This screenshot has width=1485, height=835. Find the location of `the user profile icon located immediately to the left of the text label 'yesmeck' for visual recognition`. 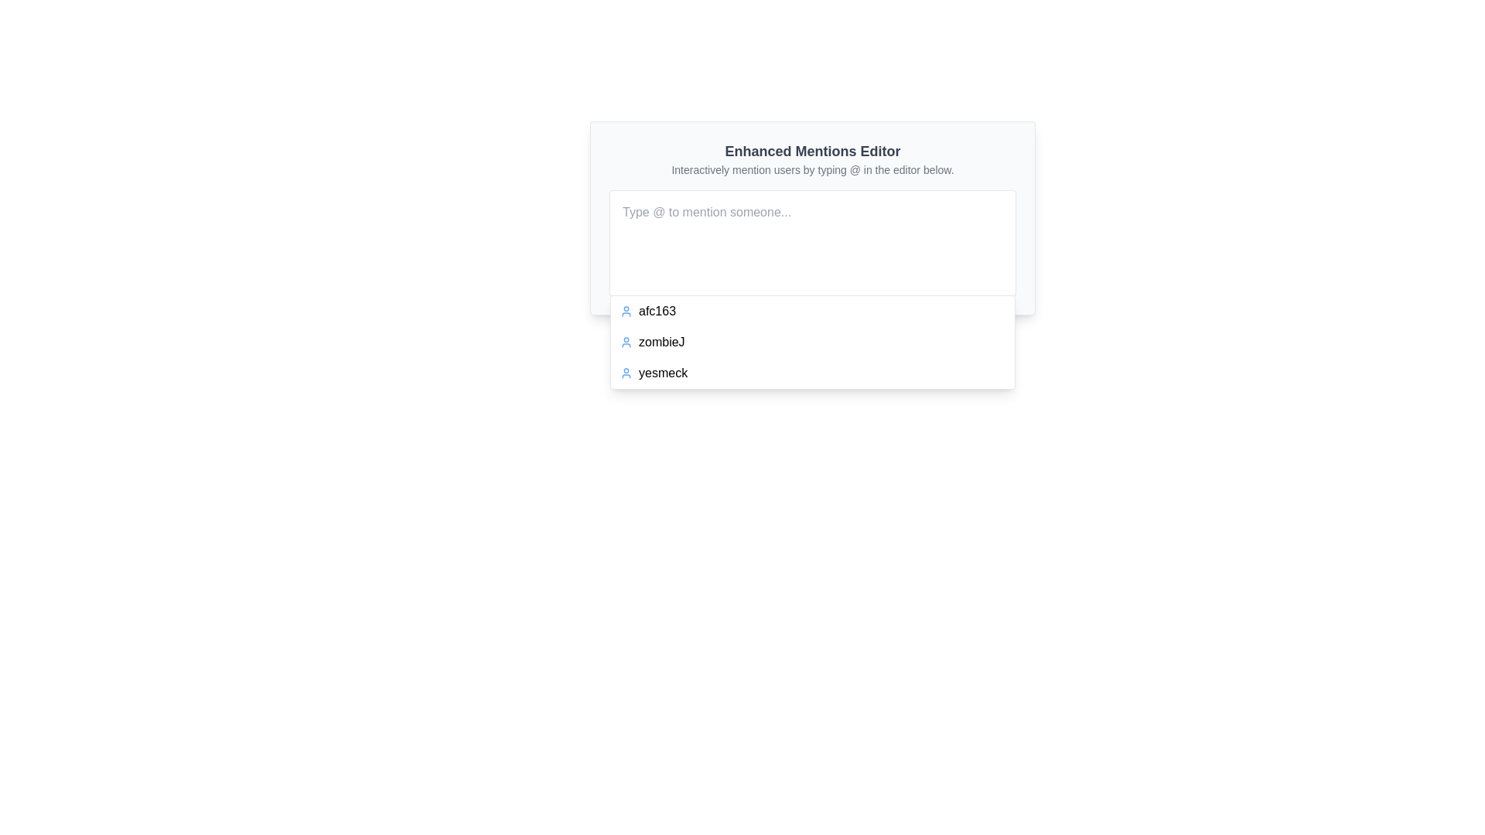

the user profile icon located immediately to the left of the text label 'yesmeck' for visual recognition is located at coordinates (626, 373).